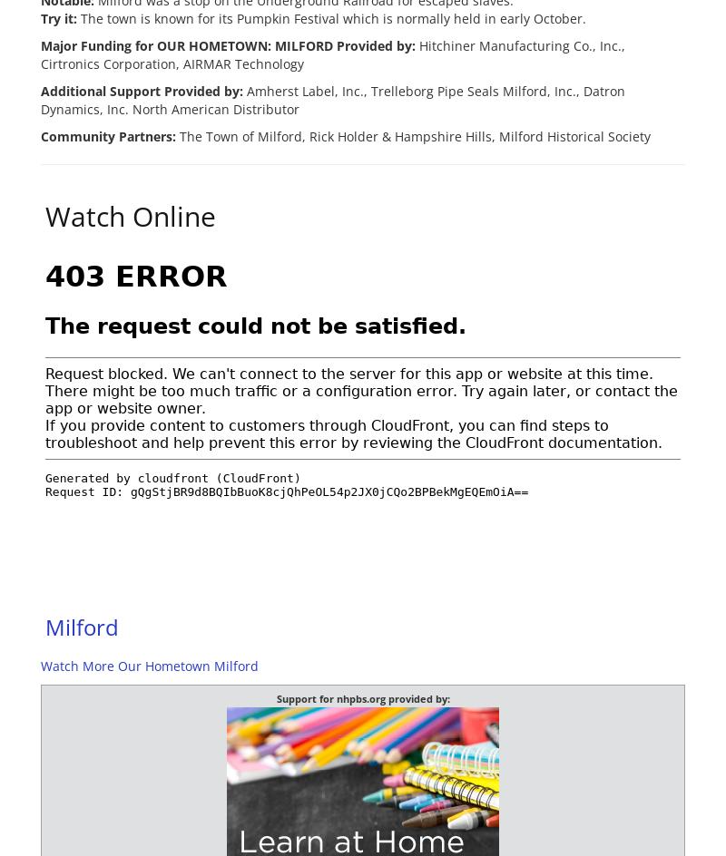 The image size is (726, 856). Describe the element at coordinates (412, 135) in the screenshot. I see `'The Town of Milford, Rick Holder & Hampshire Hills, Milford Historical Society'` at that location.